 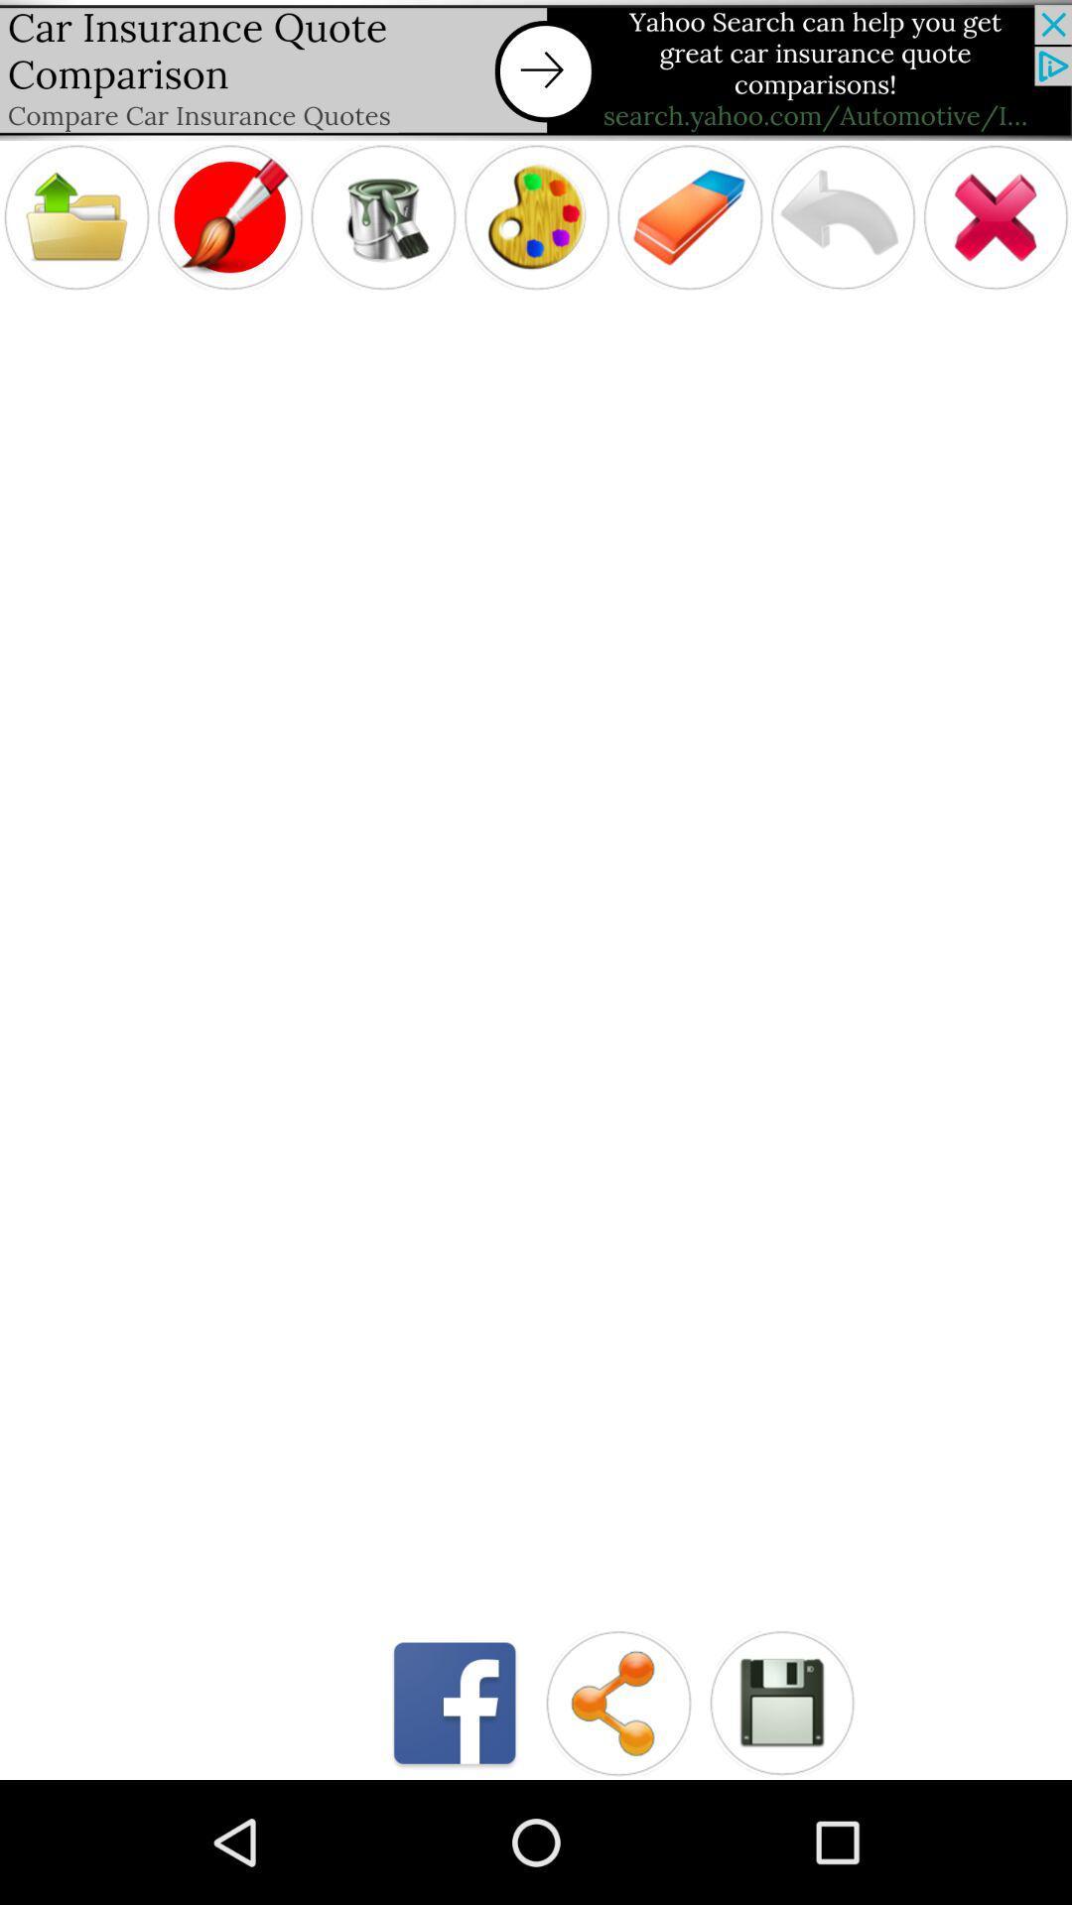 What do you see at coordinates (536, 217) in the screenshot?
I see `paint color` at bounding box center [536, 217].